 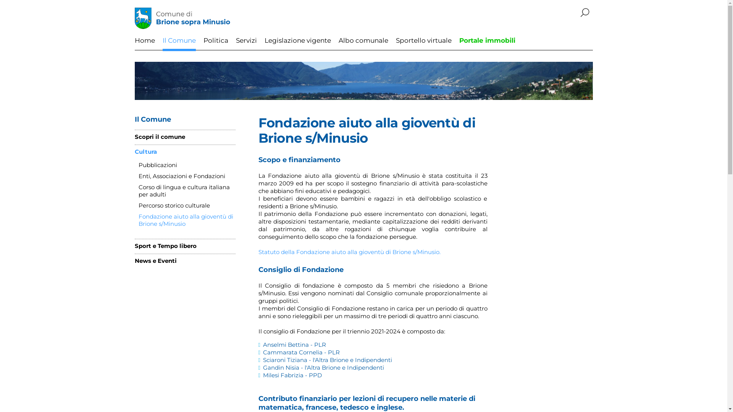 What do you see at coordinates (297, 44) in the screenshot?
I see `'Legislazione vigente'` at bounding box center [297, 44].